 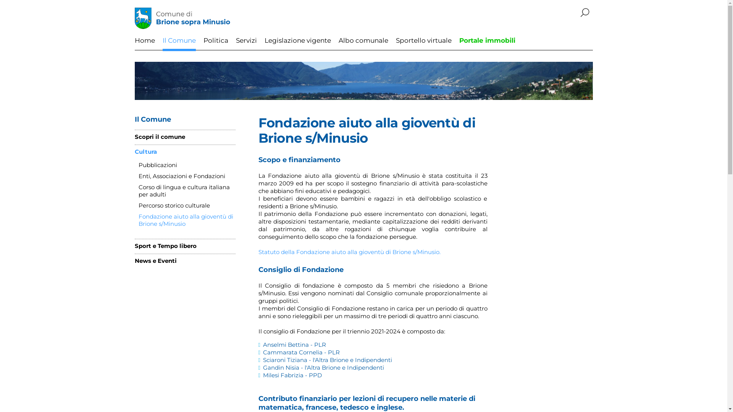 What do you see at coordinates (297, 44) in the screenshot?
I see `'Legislazione vigente'` at bounding box center [297, 44].